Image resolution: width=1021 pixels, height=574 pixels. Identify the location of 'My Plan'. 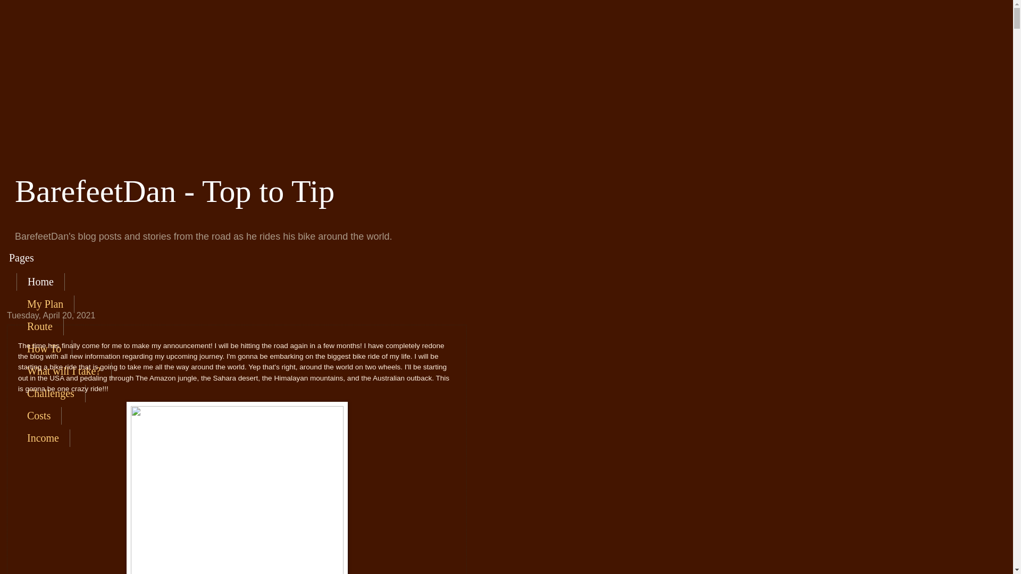
(45, 304).